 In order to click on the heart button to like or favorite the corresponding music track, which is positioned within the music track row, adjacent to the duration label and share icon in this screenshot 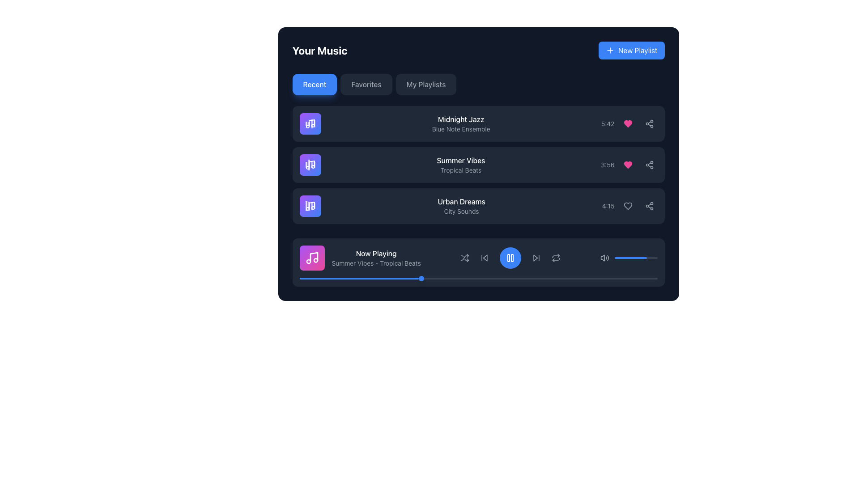, I will do `click(627, 165)`.